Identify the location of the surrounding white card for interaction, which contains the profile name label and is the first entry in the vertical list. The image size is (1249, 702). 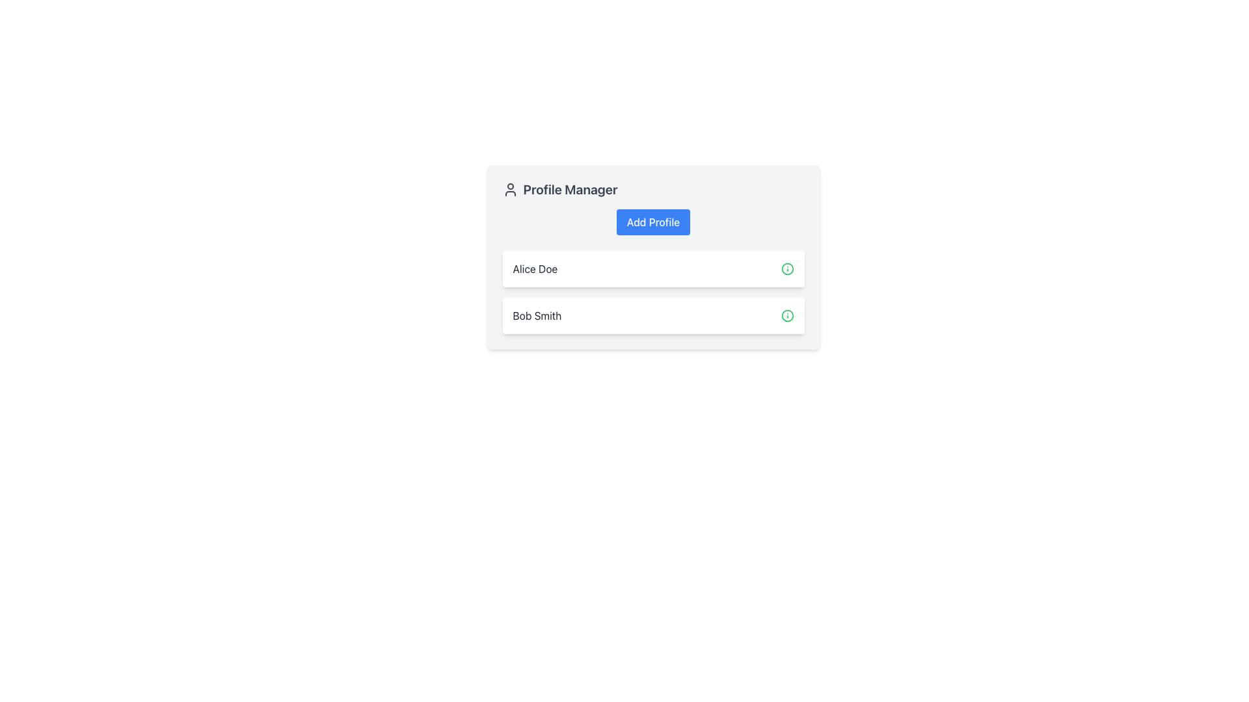
(535, 268).